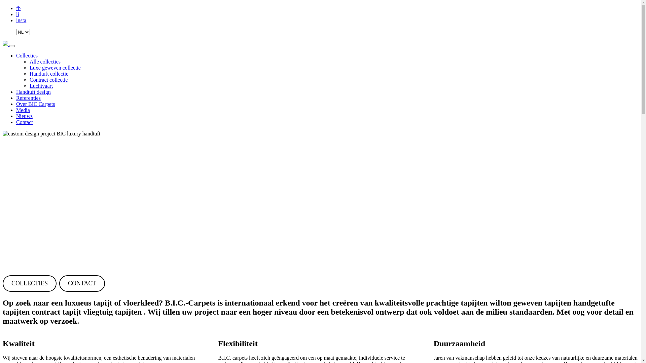 This screenshot has width=646, height=363. Describe the element at coordinates (21, 20) in the screenshot. I see `'insta'` at that location.